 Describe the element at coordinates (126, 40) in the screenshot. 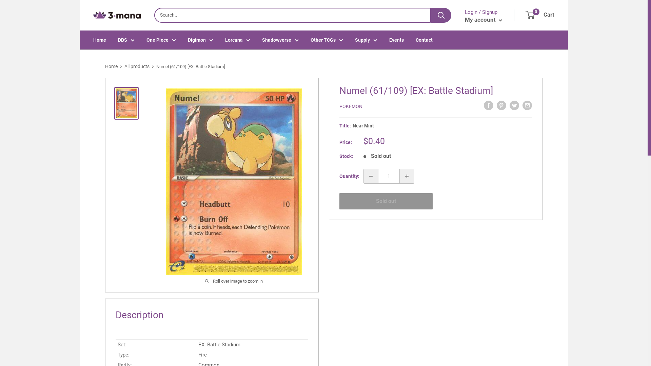

I see `'DBS'` at that location.